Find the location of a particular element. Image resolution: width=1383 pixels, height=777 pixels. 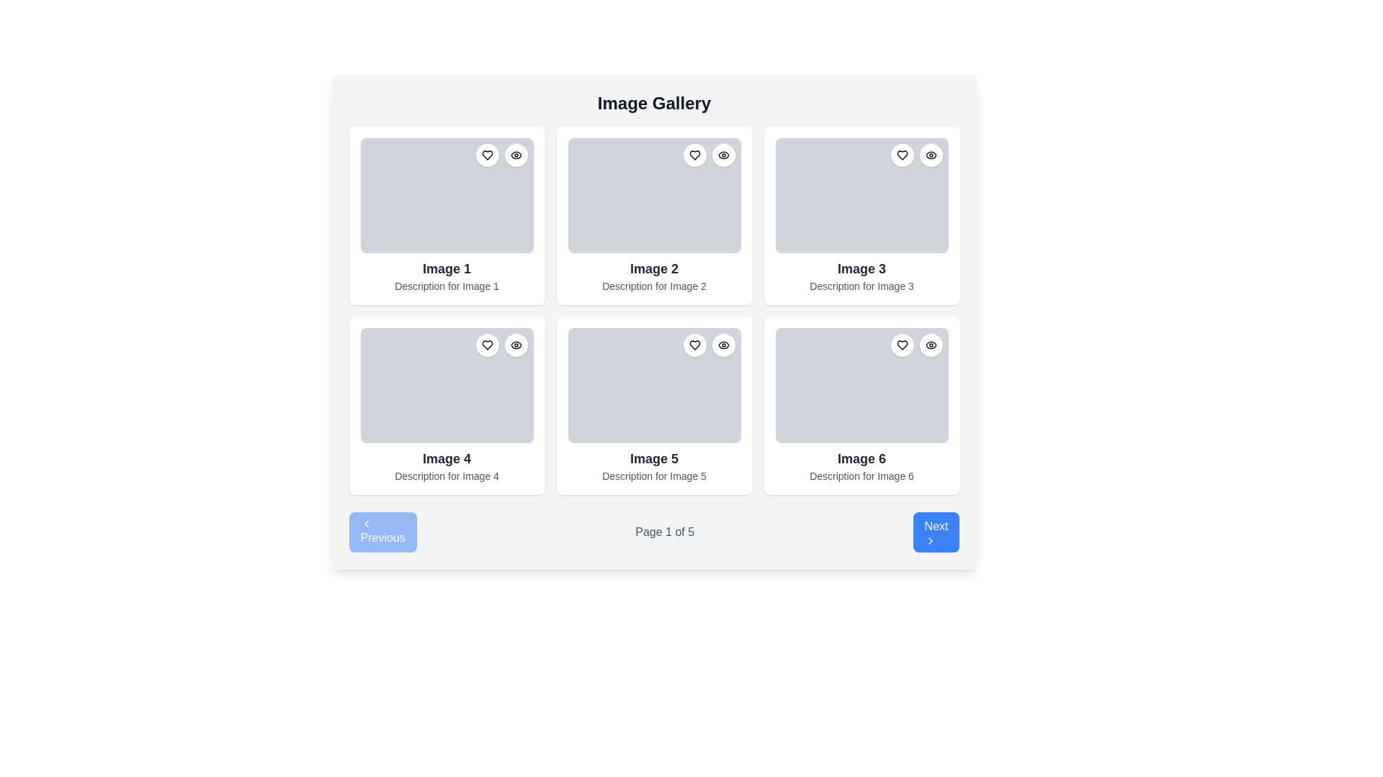

the favorite or like icon button located in the top-right corner of the third thumbnail image in the second row of the image gallery grid is located at coordinates (901, 155).